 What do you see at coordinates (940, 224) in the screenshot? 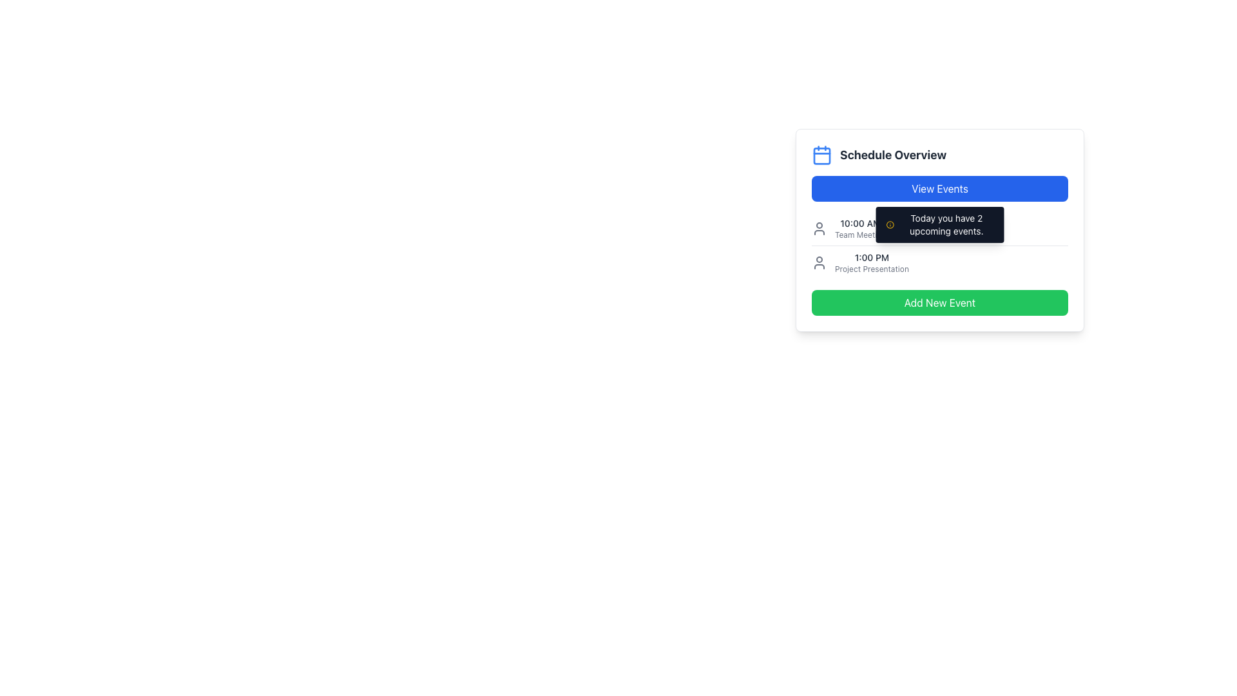
I see `the informational text indicating 'Today you have 2 upcoming events.' which is displayed in white font against a dark background, located centrally beneath the blue 'View Events' button` at bounding box center [940, 224].